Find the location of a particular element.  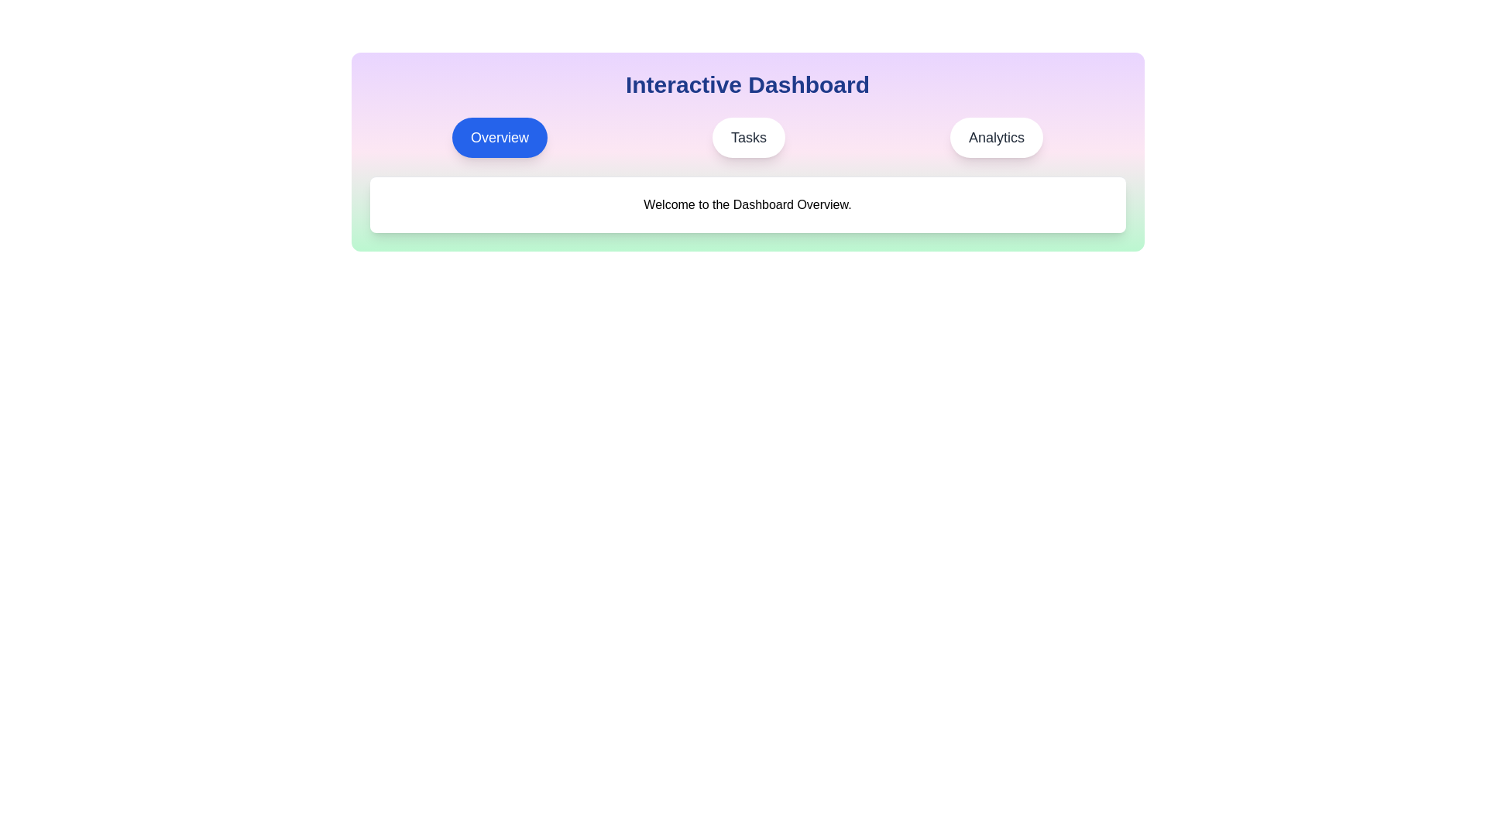

the tab labeled Overview is located at coordinates (500, 136).